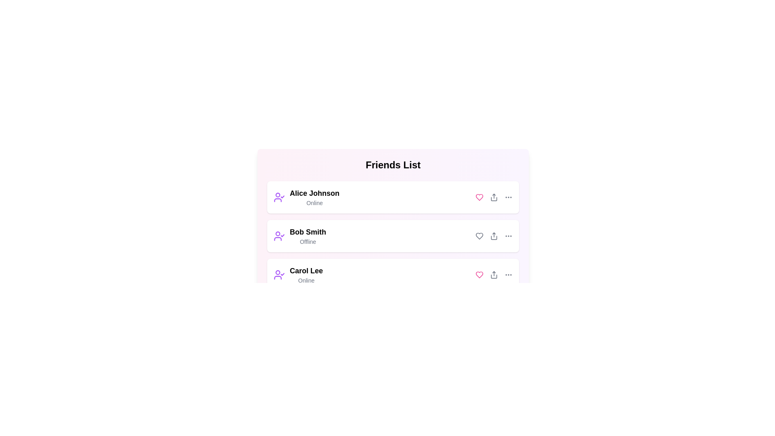 Image resolution: width=775 pixels, height=436 pixels. What do you see at coordinates (508, 197) in the screenshot?
I see `the menu icon next to the friend's name to access additional options` at bounding box center [508, 197].